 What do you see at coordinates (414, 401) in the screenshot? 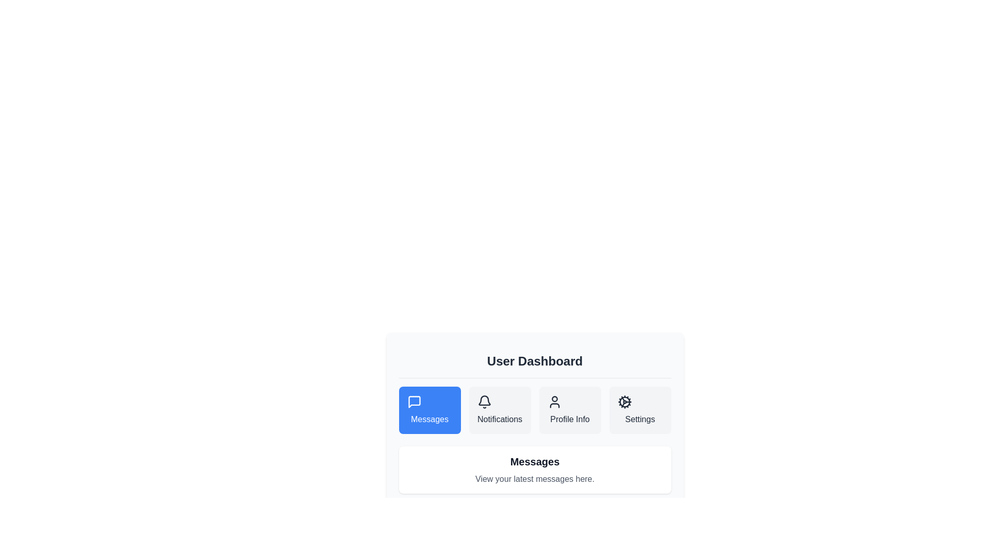
I see `the Messages icon to inspect it` at bounding box center [414, 401].